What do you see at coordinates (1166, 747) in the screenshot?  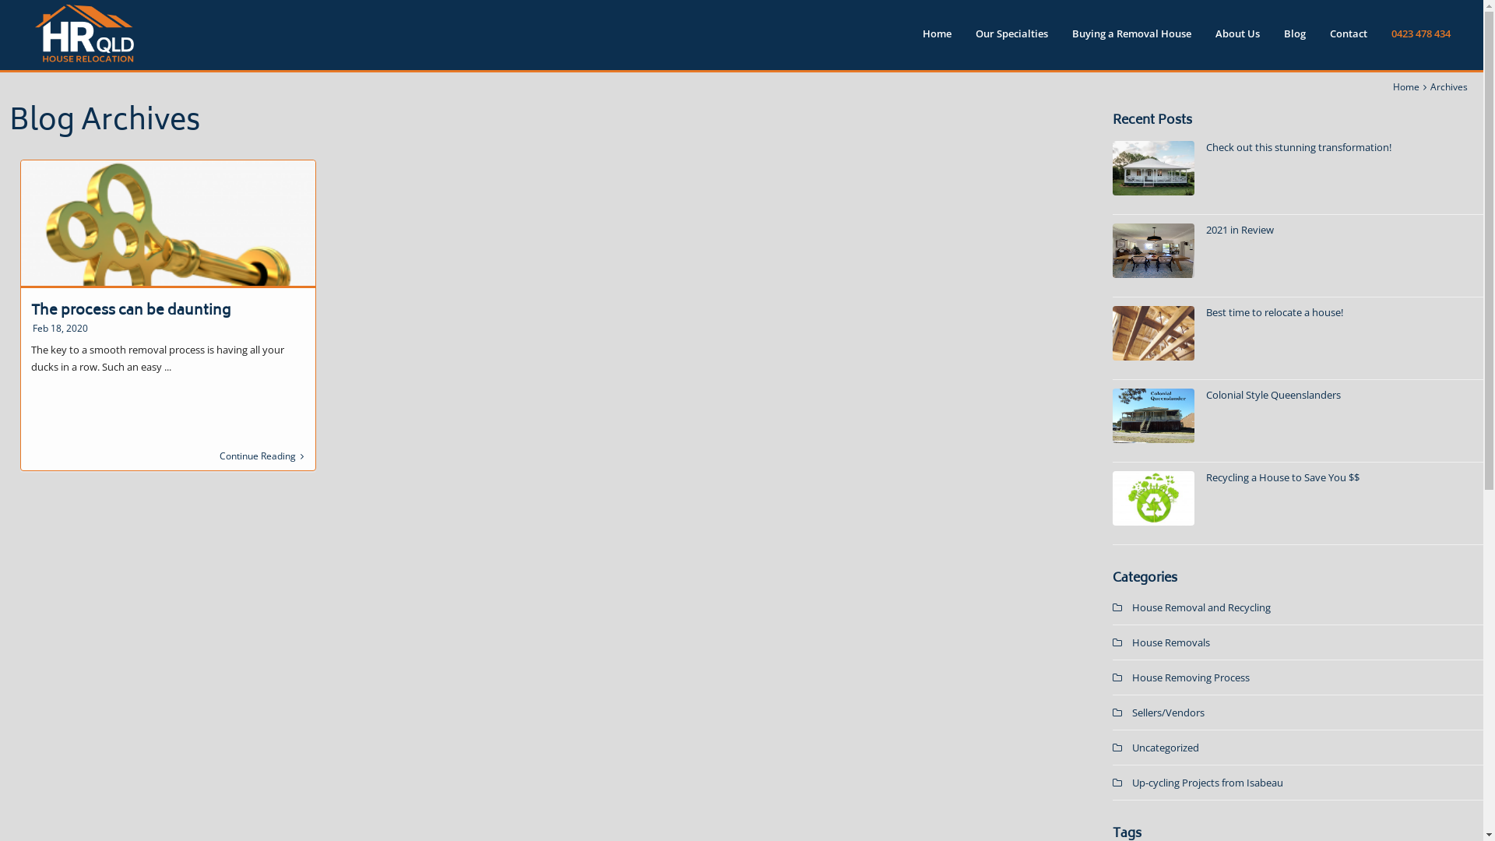 I see `'Uncategorized'` at bounding box center [1166, 747].